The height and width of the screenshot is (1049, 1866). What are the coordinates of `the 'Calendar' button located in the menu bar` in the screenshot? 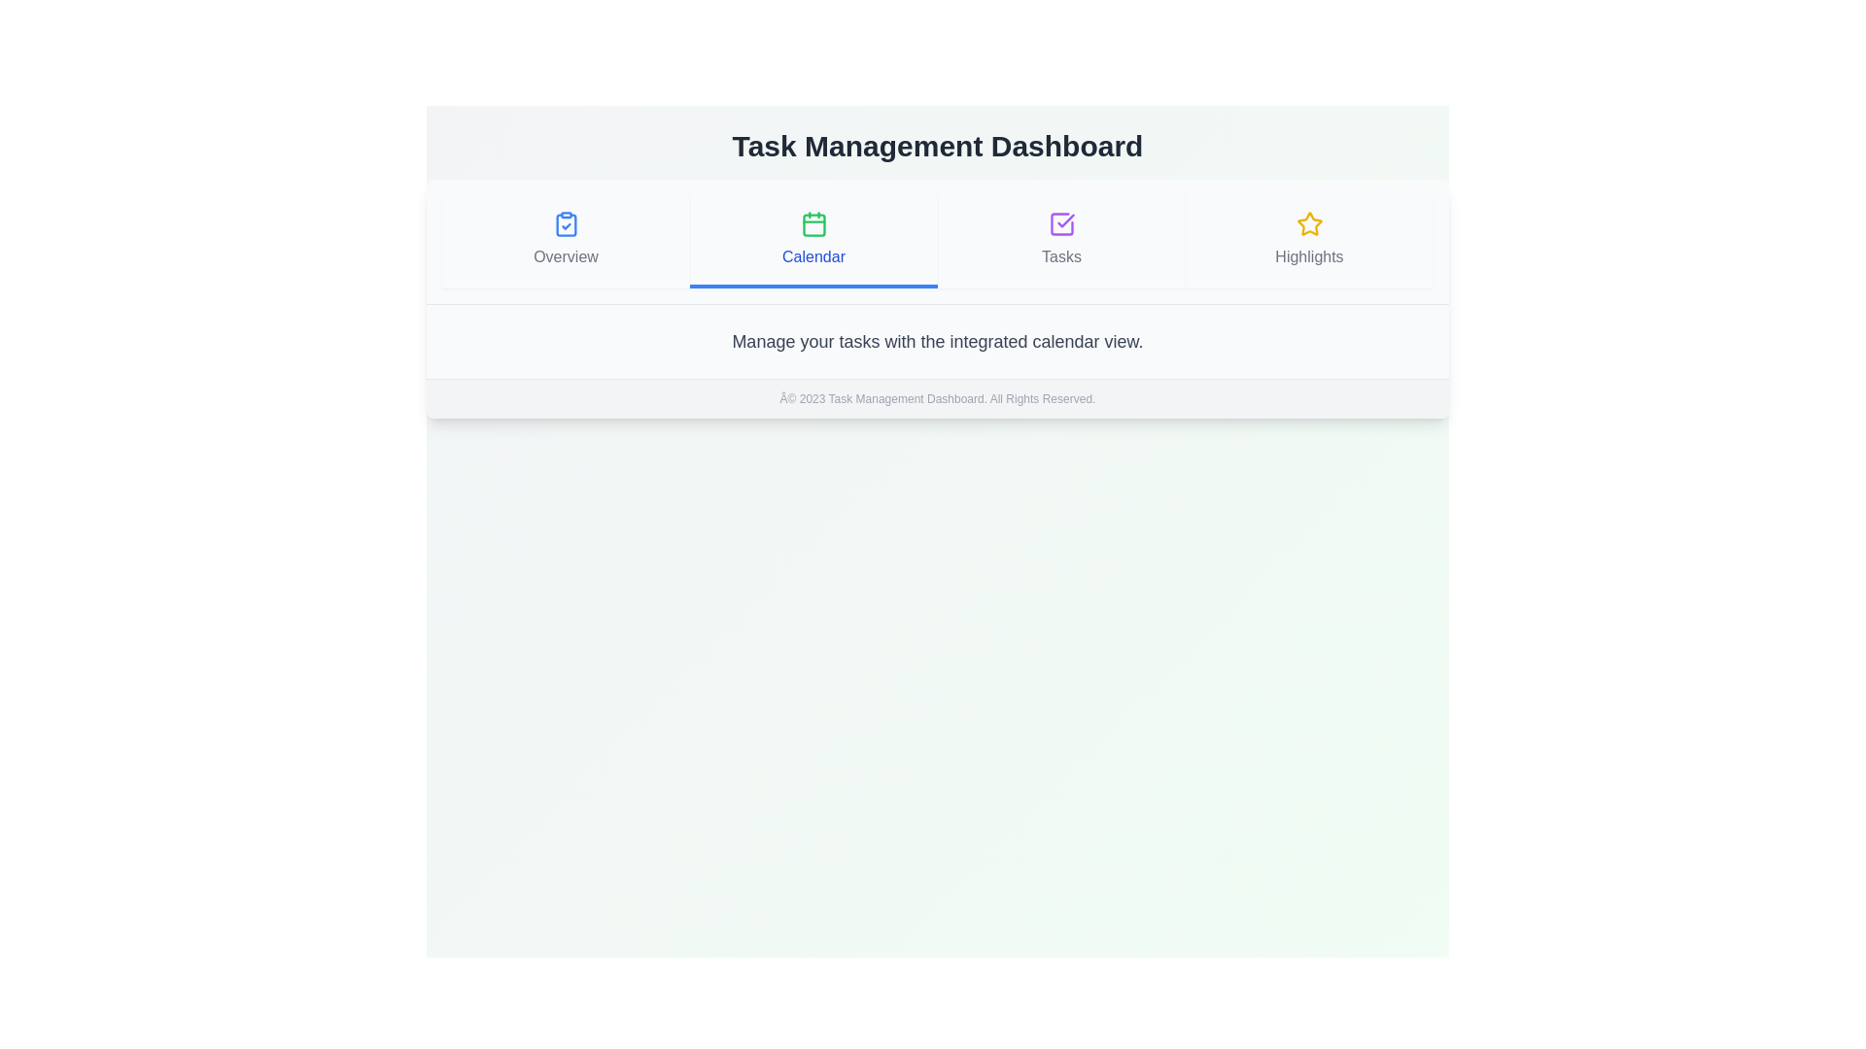 It's located at (813, 241).